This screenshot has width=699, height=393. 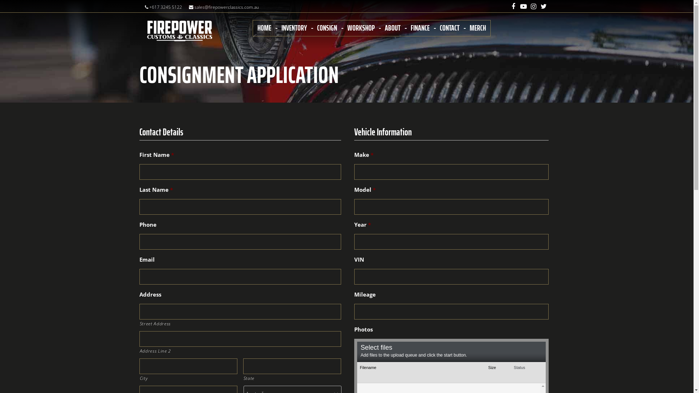 I want to click on 'Skip to content', so click(x=0, y=0).